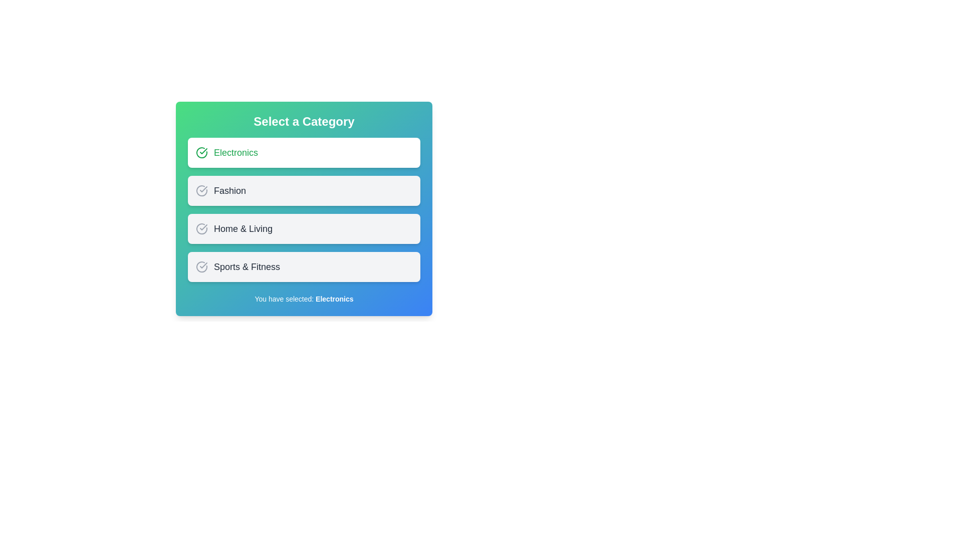 The image size is (962, 541). What do you see at coordinates (303, 205) in the screenshot?
I see `the 'Fashion' selectable category button, which is the second option in a list of four buttons, positioned below 'Electronics' and above 'Home & Living'` at bounding box center [303, 205].